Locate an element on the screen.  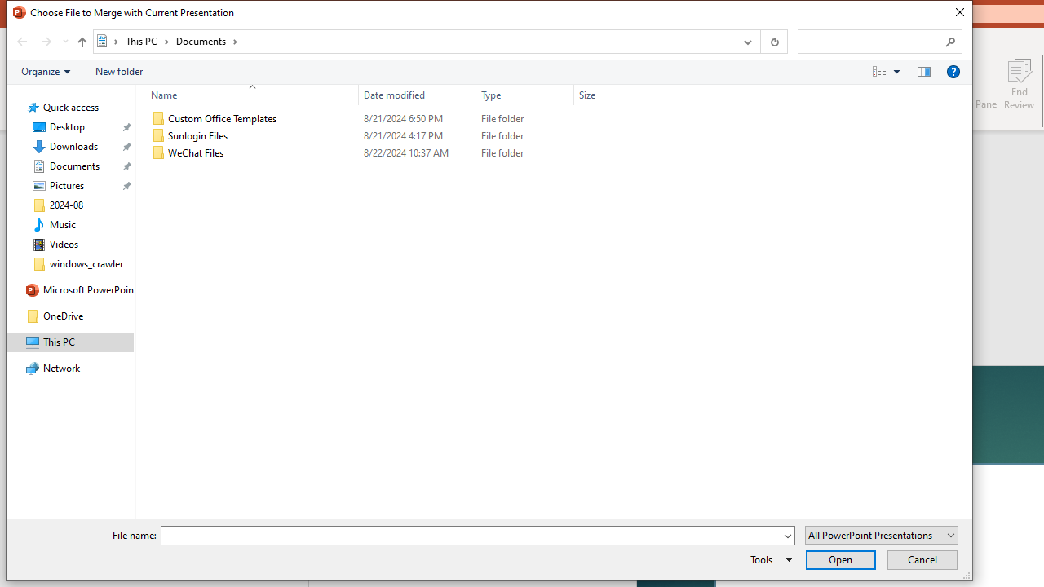
'Forward (Alt + Right Arrow)' is located at coordinates (46, 41).